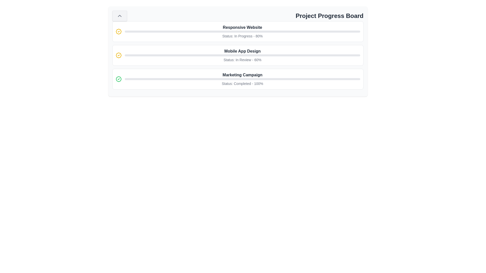  I want to click on the Information box displaying the status information of the 'Marketing Campaign' project by clicking on its center point, so click(238, 79).